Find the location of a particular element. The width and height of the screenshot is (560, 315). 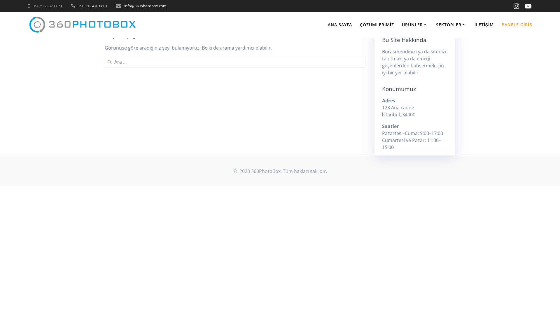

'ANA SAYFA' is located at coordinates (340, 24).